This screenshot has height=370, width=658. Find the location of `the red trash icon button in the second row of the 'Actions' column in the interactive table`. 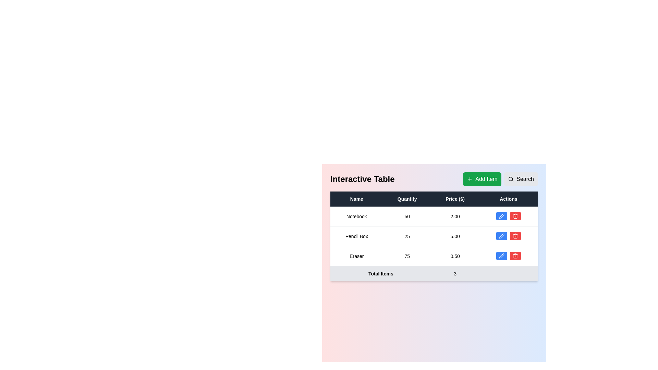

the red trash icon button in the second row of the 'Actions' column in the interactive table is located at coordinates (515, 256).